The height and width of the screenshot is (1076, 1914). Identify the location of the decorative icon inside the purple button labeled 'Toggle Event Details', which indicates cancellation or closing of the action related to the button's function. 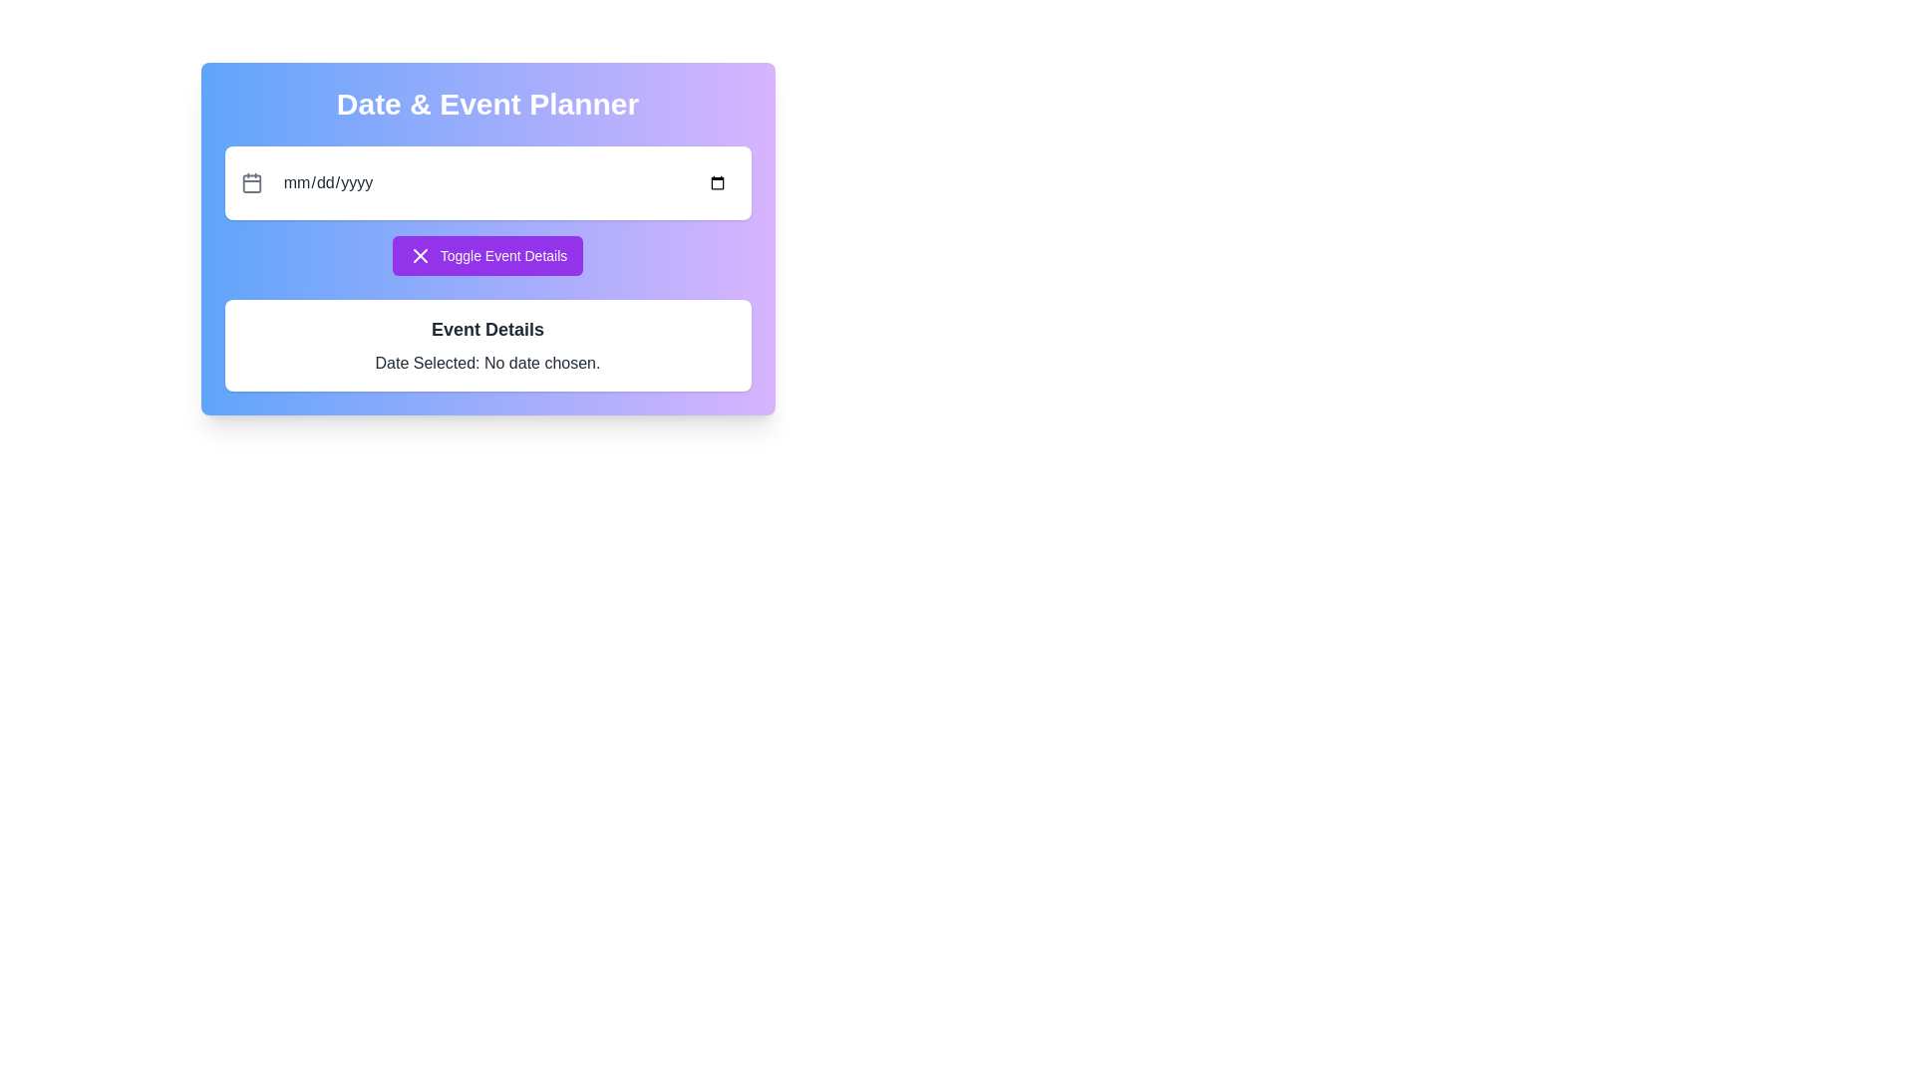
(419, 255).